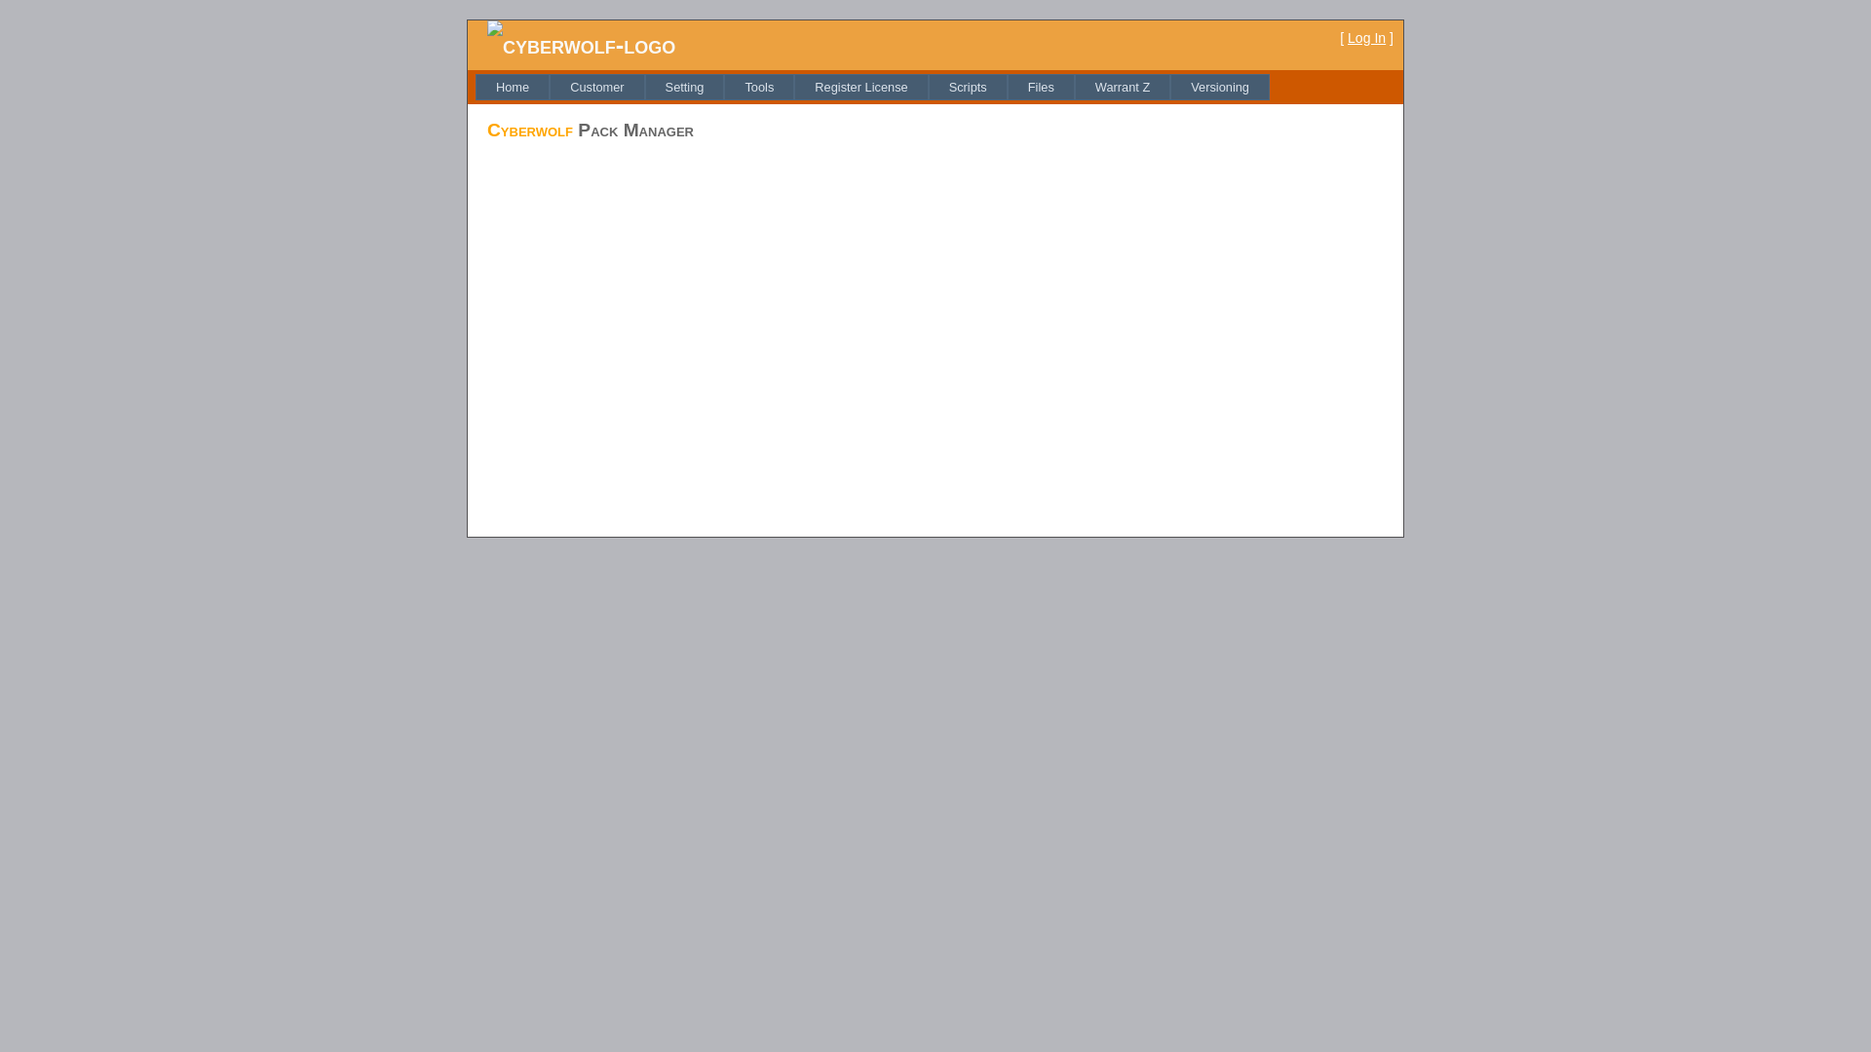 This screenshot has height=1052, width=1871. What do you see at coordinates (968, 86) in the screenshot?
I see `'Scripts'` at bounding box center [968, 86].